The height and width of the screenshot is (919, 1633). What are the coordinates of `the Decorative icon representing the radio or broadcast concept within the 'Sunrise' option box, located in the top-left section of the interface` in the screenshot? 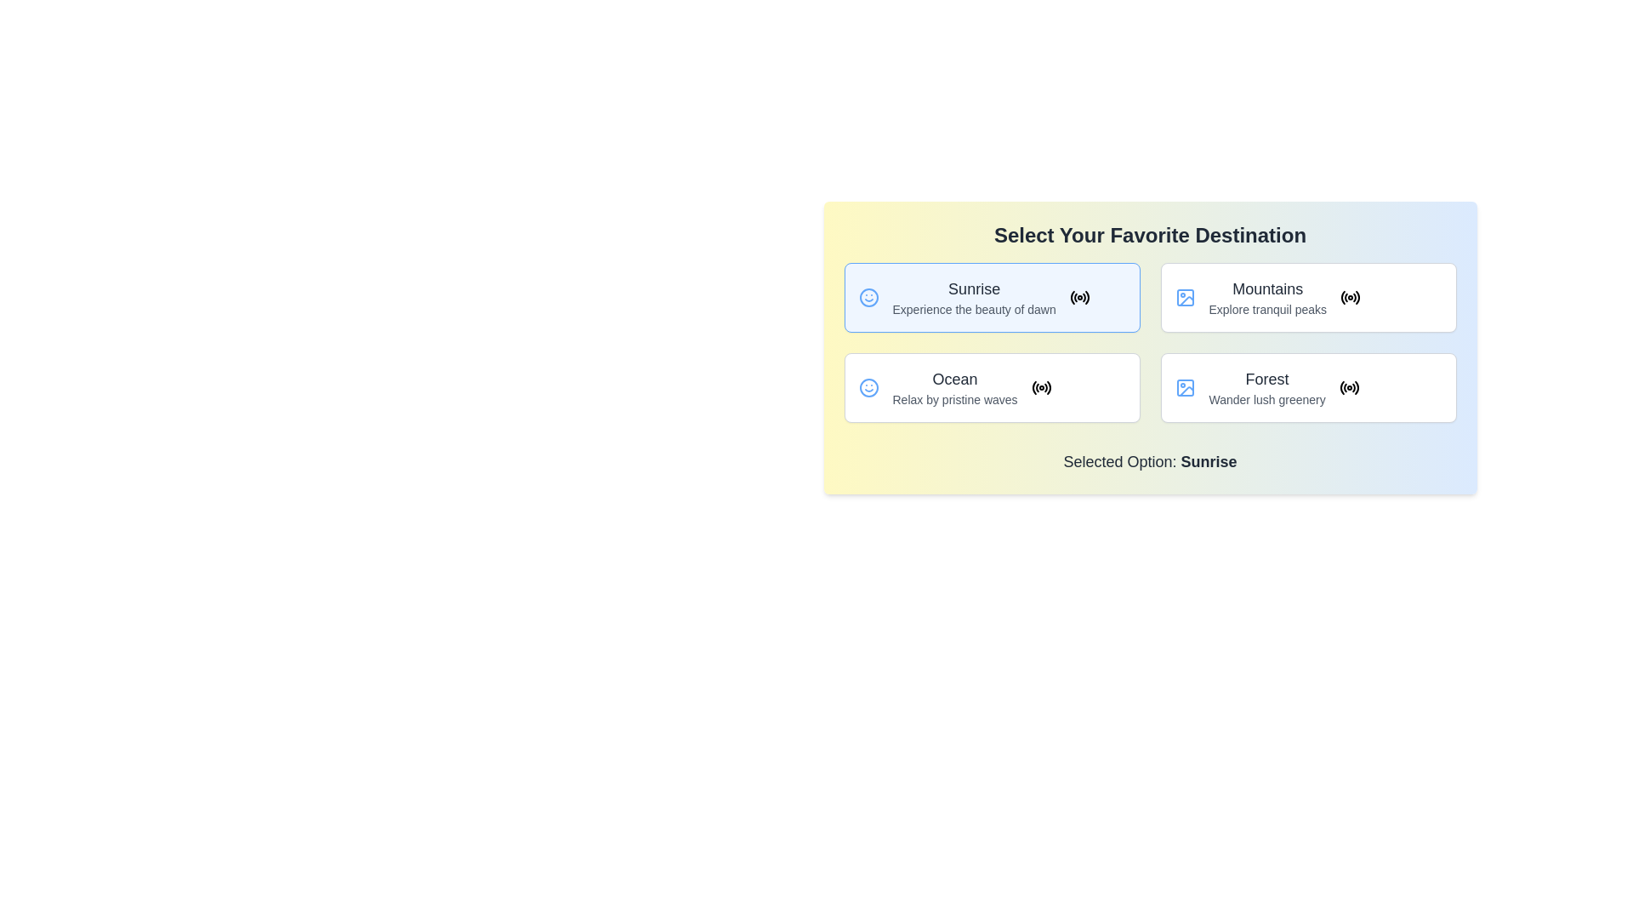 It's located at (1078, 297).